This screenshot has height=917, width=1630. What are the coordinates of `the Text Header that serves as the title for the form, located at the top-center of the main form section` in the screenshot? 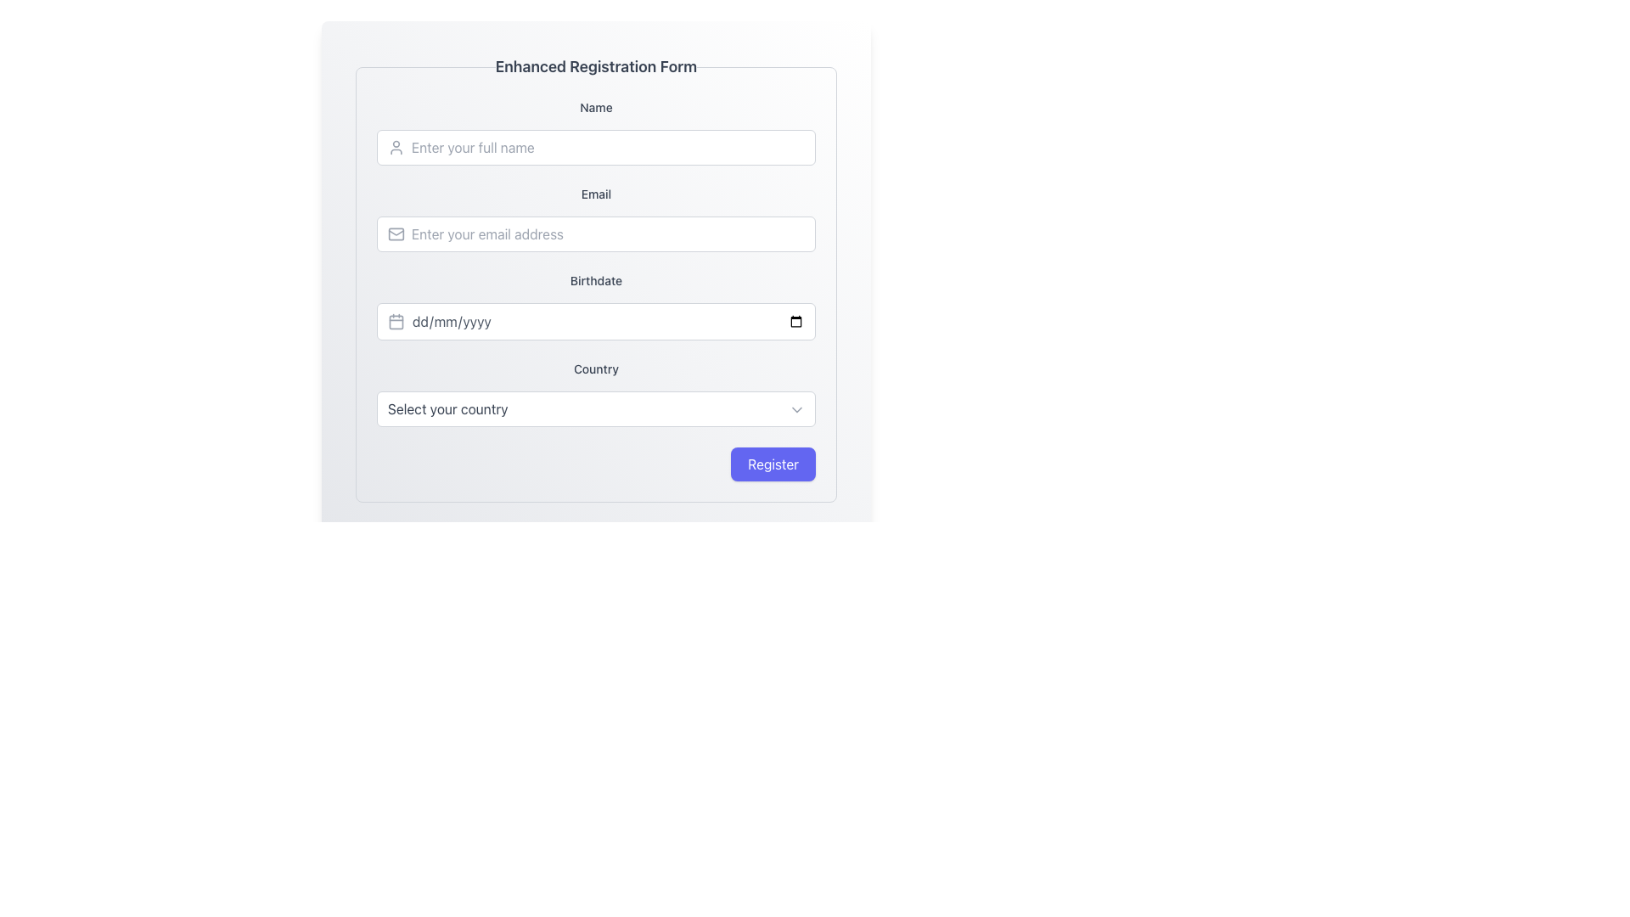 It's located at (596, 65).